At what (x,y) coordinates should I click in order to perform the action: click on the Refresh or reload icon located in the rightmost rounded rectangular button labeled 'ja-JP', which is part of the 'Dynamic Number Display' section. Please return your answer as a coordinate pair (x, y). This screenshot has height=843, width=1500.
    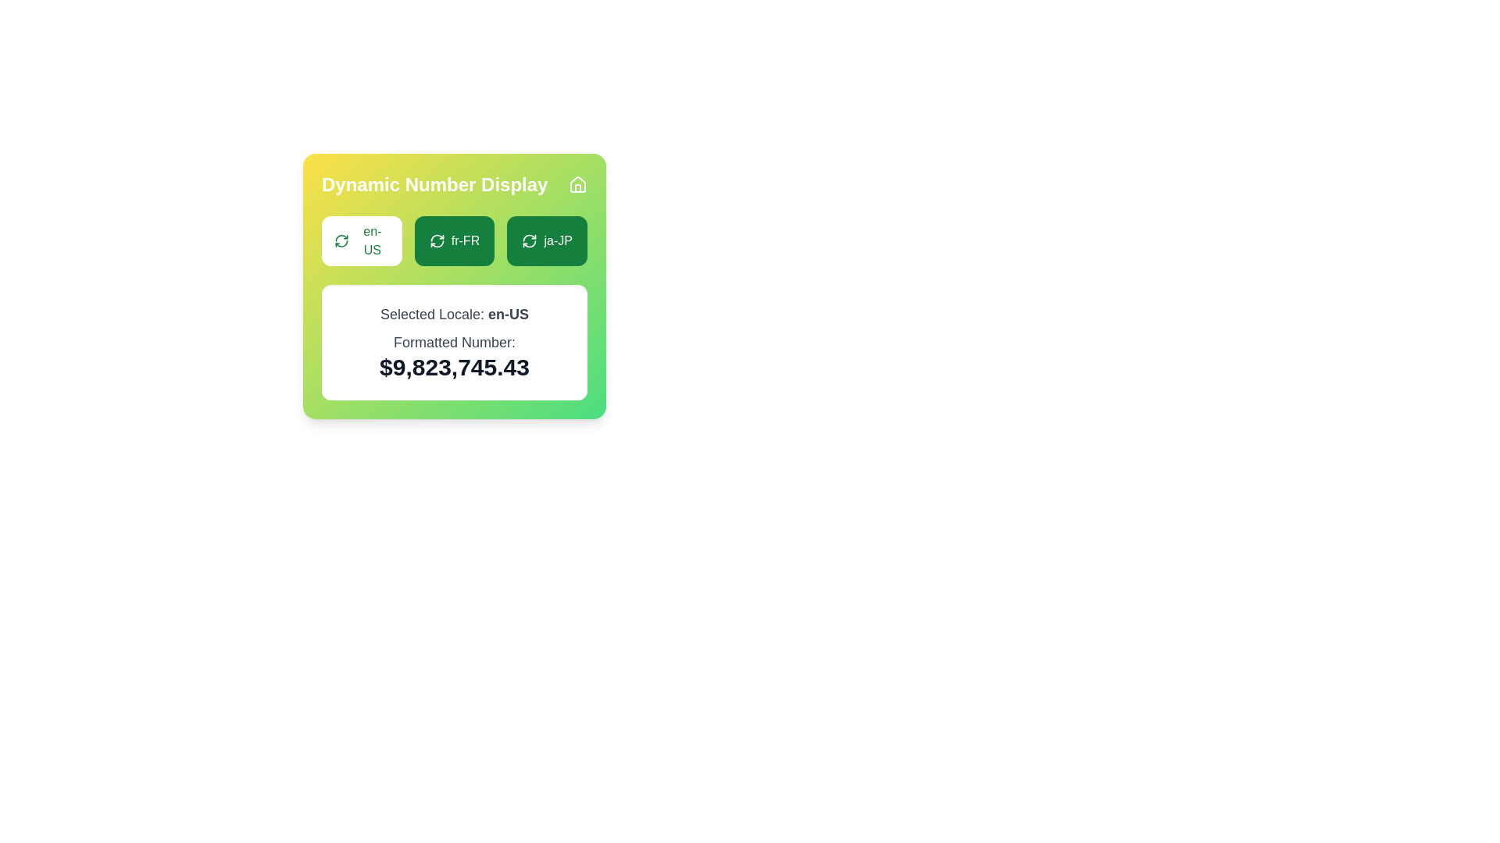
    Looking at the image, I should click on (530, 240).